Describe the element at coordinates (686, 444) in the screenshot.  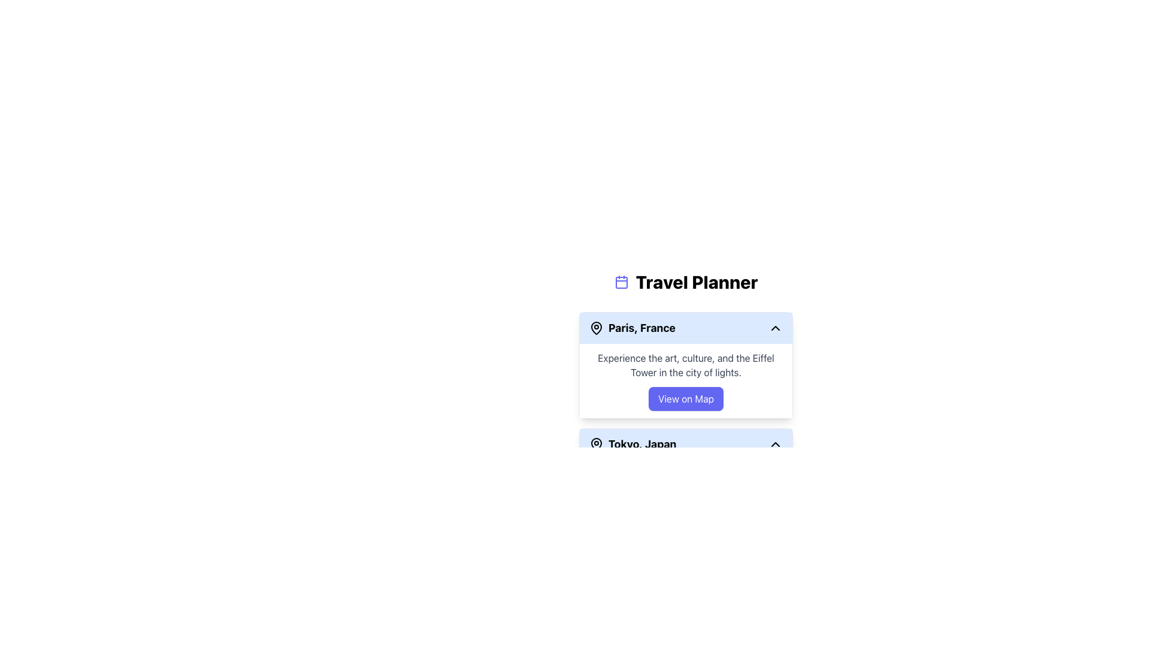
I see `the second item in the travel destinations list, labeled 'Tokyo, Japan'` at that location.